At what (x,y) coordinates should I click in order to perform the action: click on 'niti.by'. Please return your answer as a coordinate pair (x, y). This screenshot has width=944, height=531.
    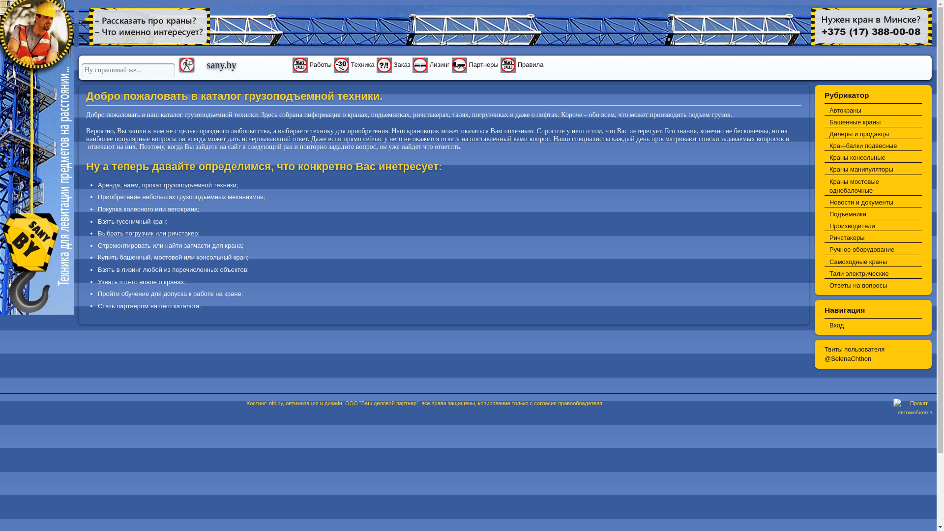
    Looking at the image, I should click on (269, 403).